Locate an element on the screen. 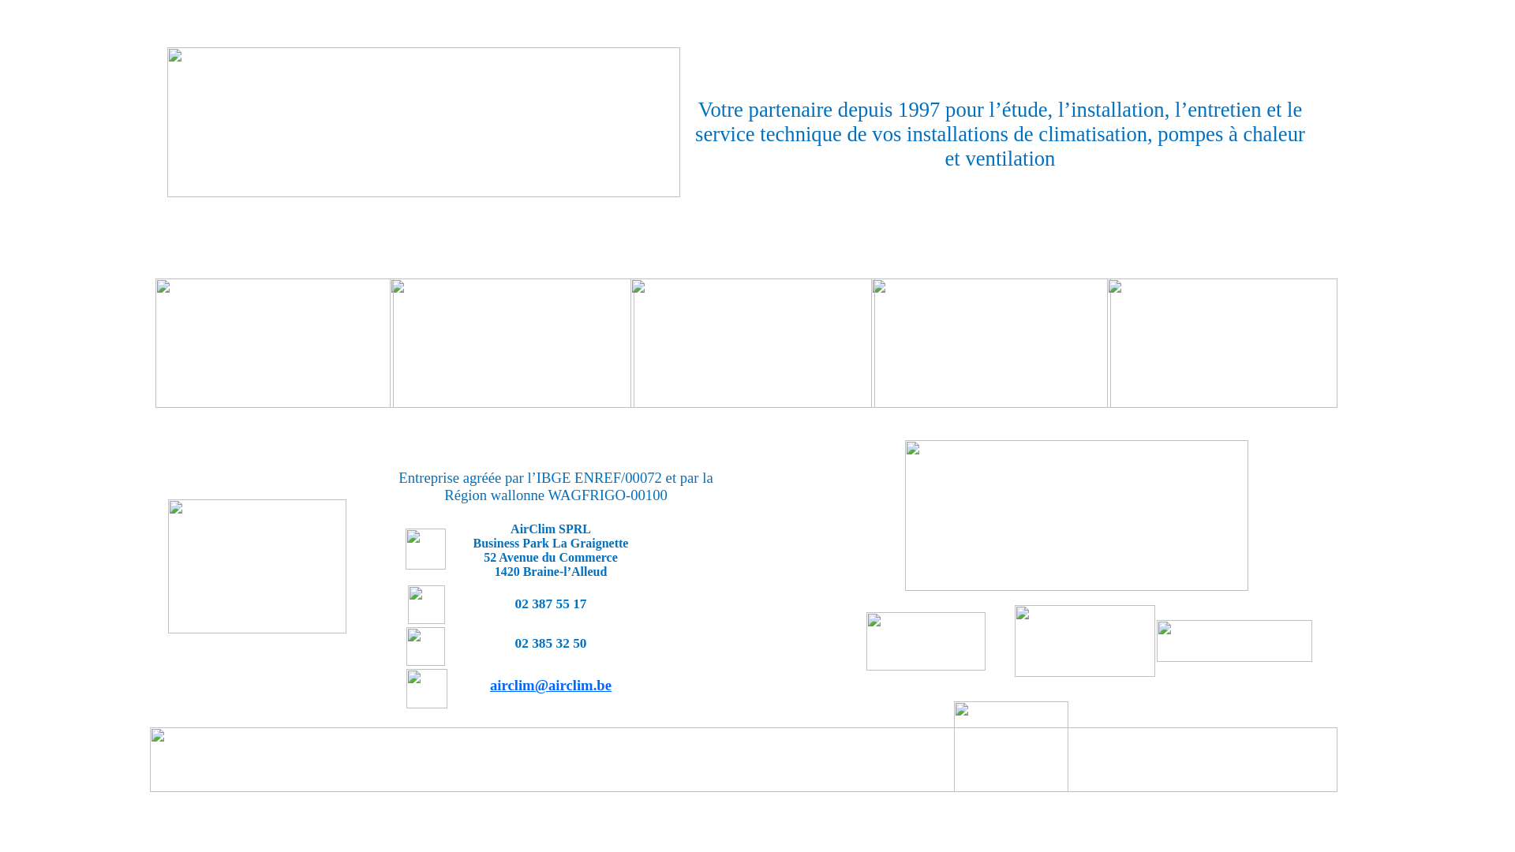  'airclim@airclim.be' is located at coordinates (550, 686).